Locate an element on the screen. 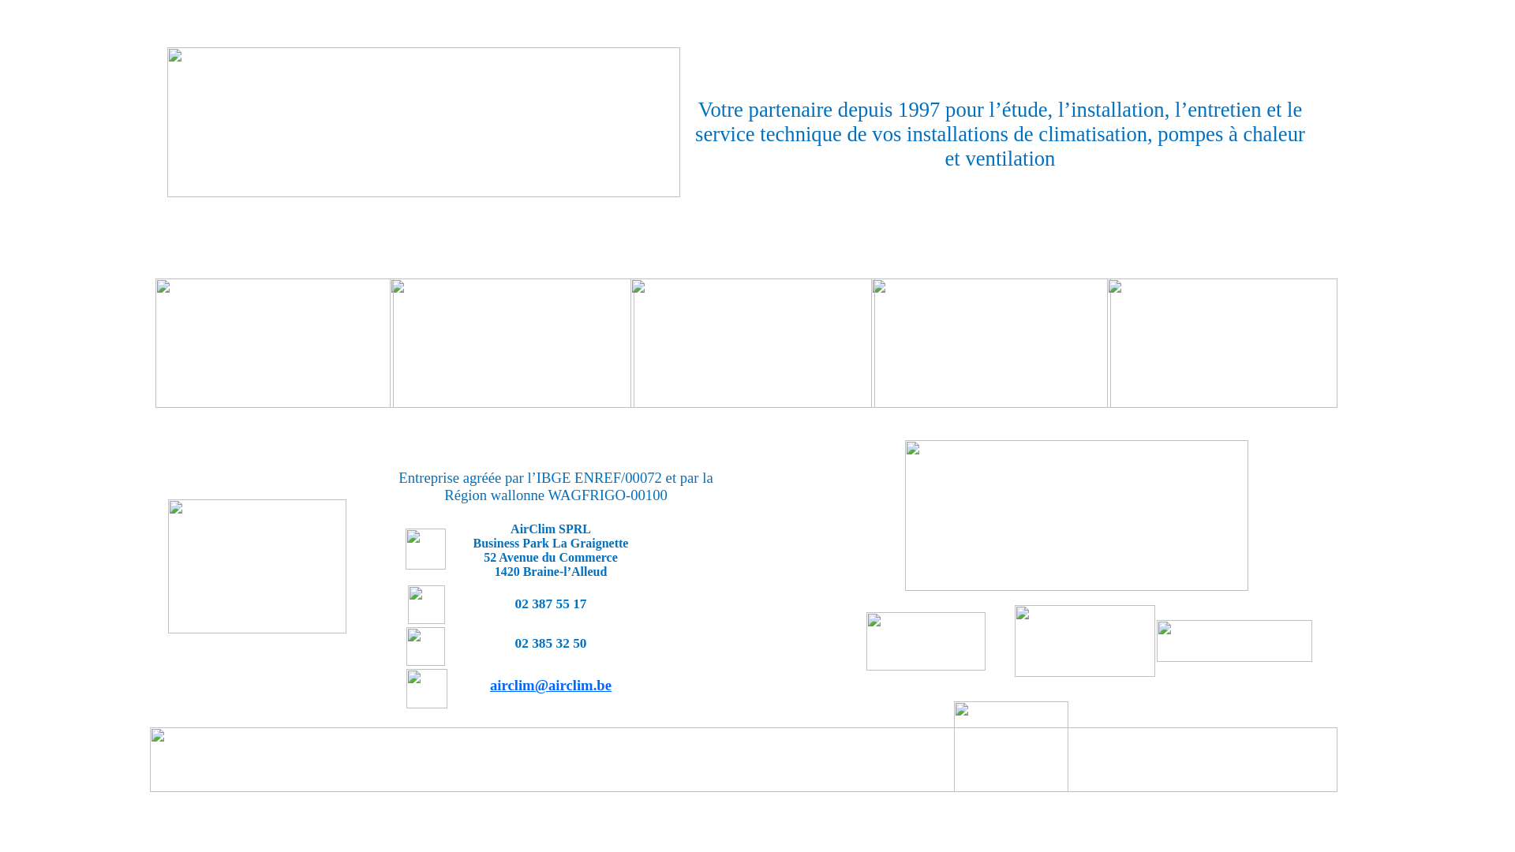  'airclim@airclim.be' is located at coordinates (550, 686).